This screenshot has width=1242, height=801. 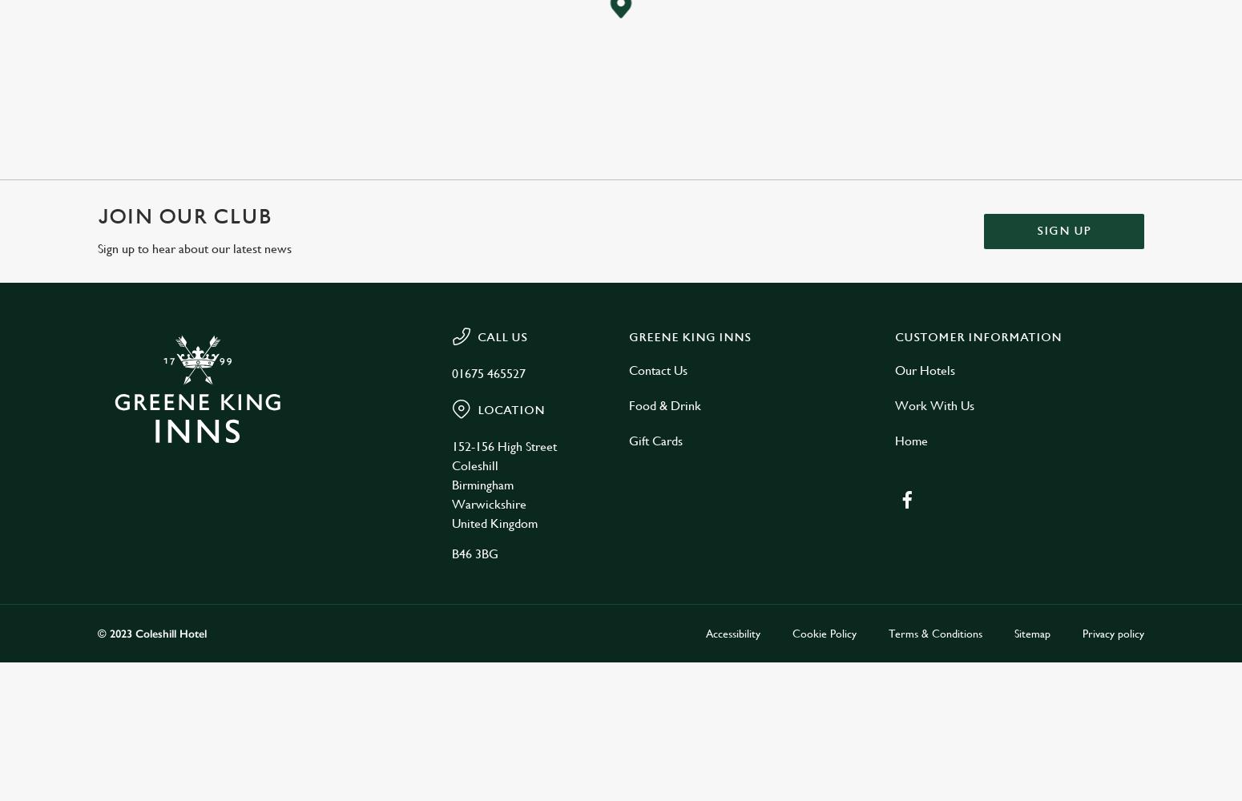 What do you see at coordinates (664, 405) in the screenshot?
I see `'Food & Drink'` at bounding box center [664, 405].